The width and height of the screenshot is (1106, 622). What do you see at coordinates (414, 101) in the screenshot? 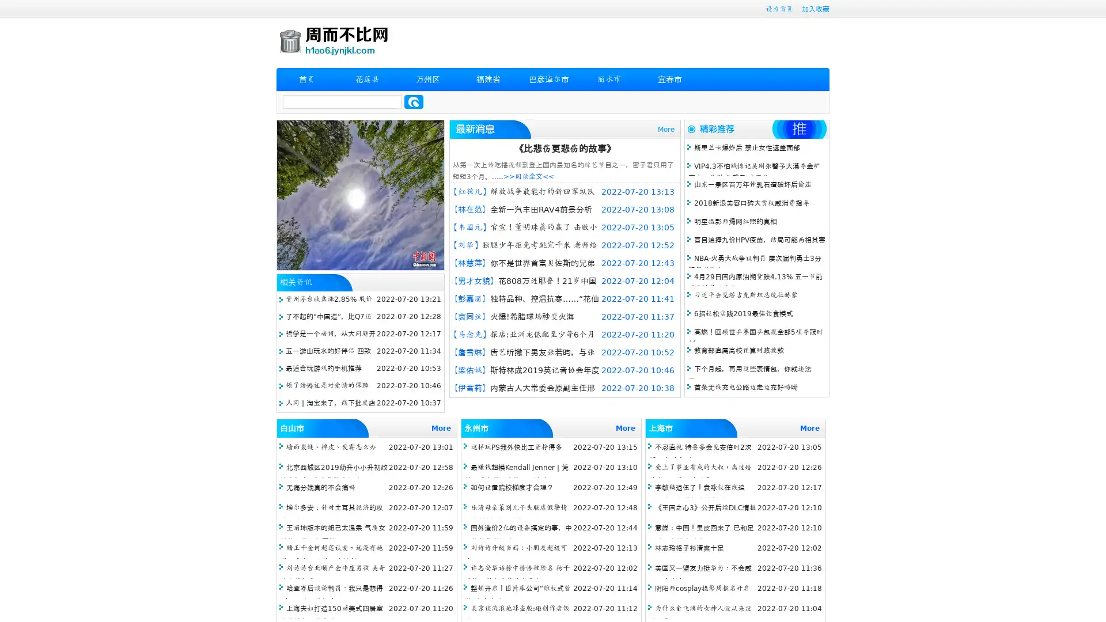
I see `Search` at bounding box center [414, 101].